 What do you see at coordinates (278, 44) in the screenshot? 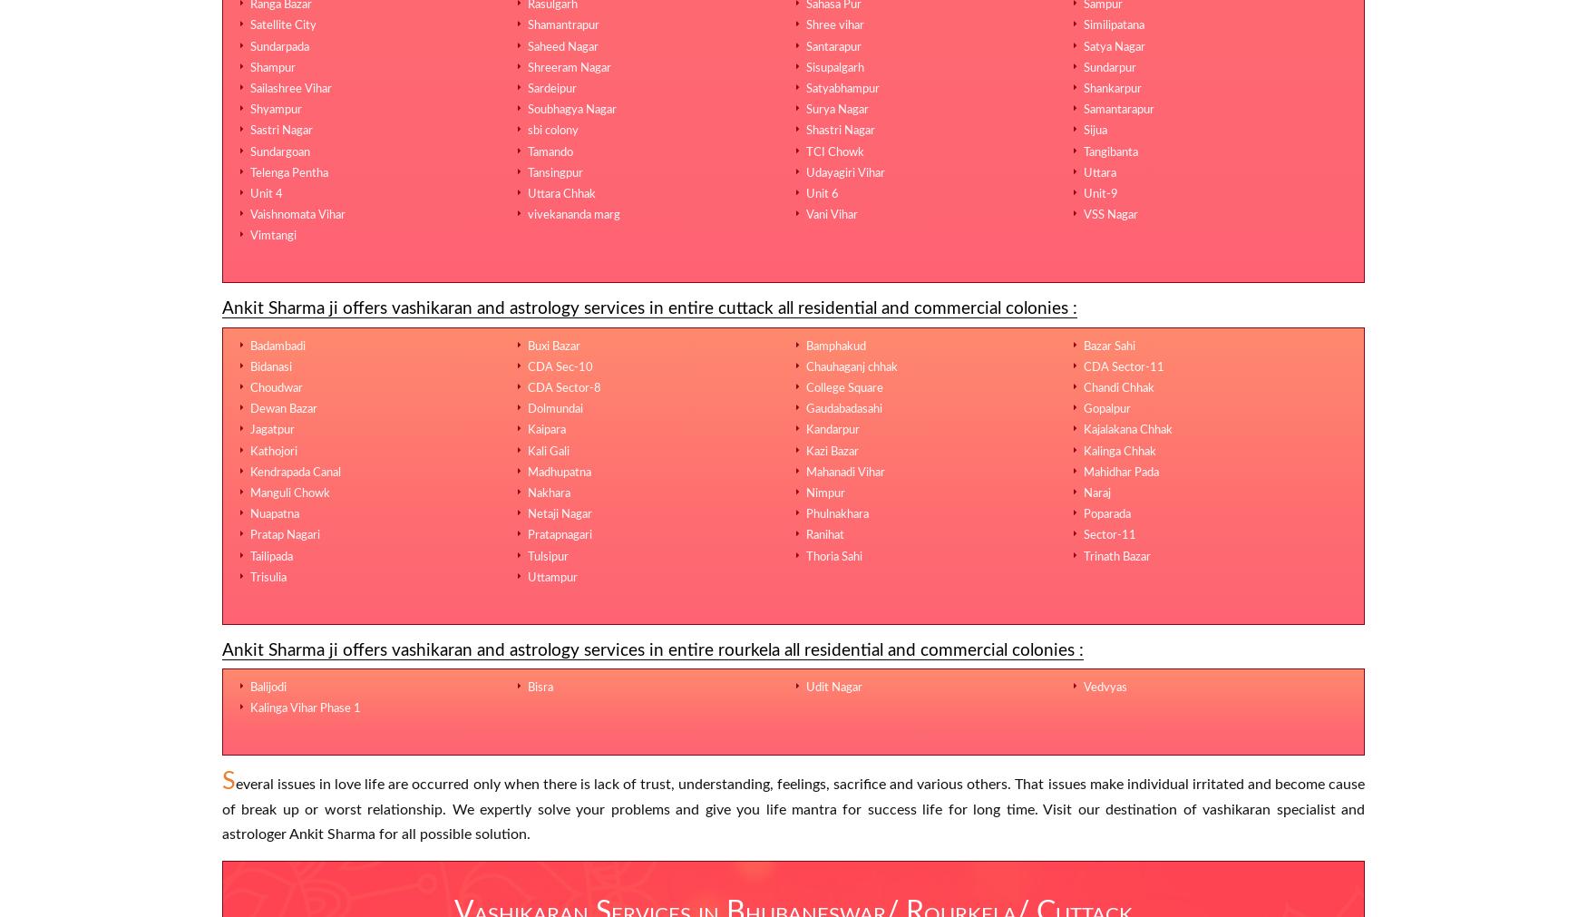
I see `'Sundarpada'` at bounding box center [278, 44].